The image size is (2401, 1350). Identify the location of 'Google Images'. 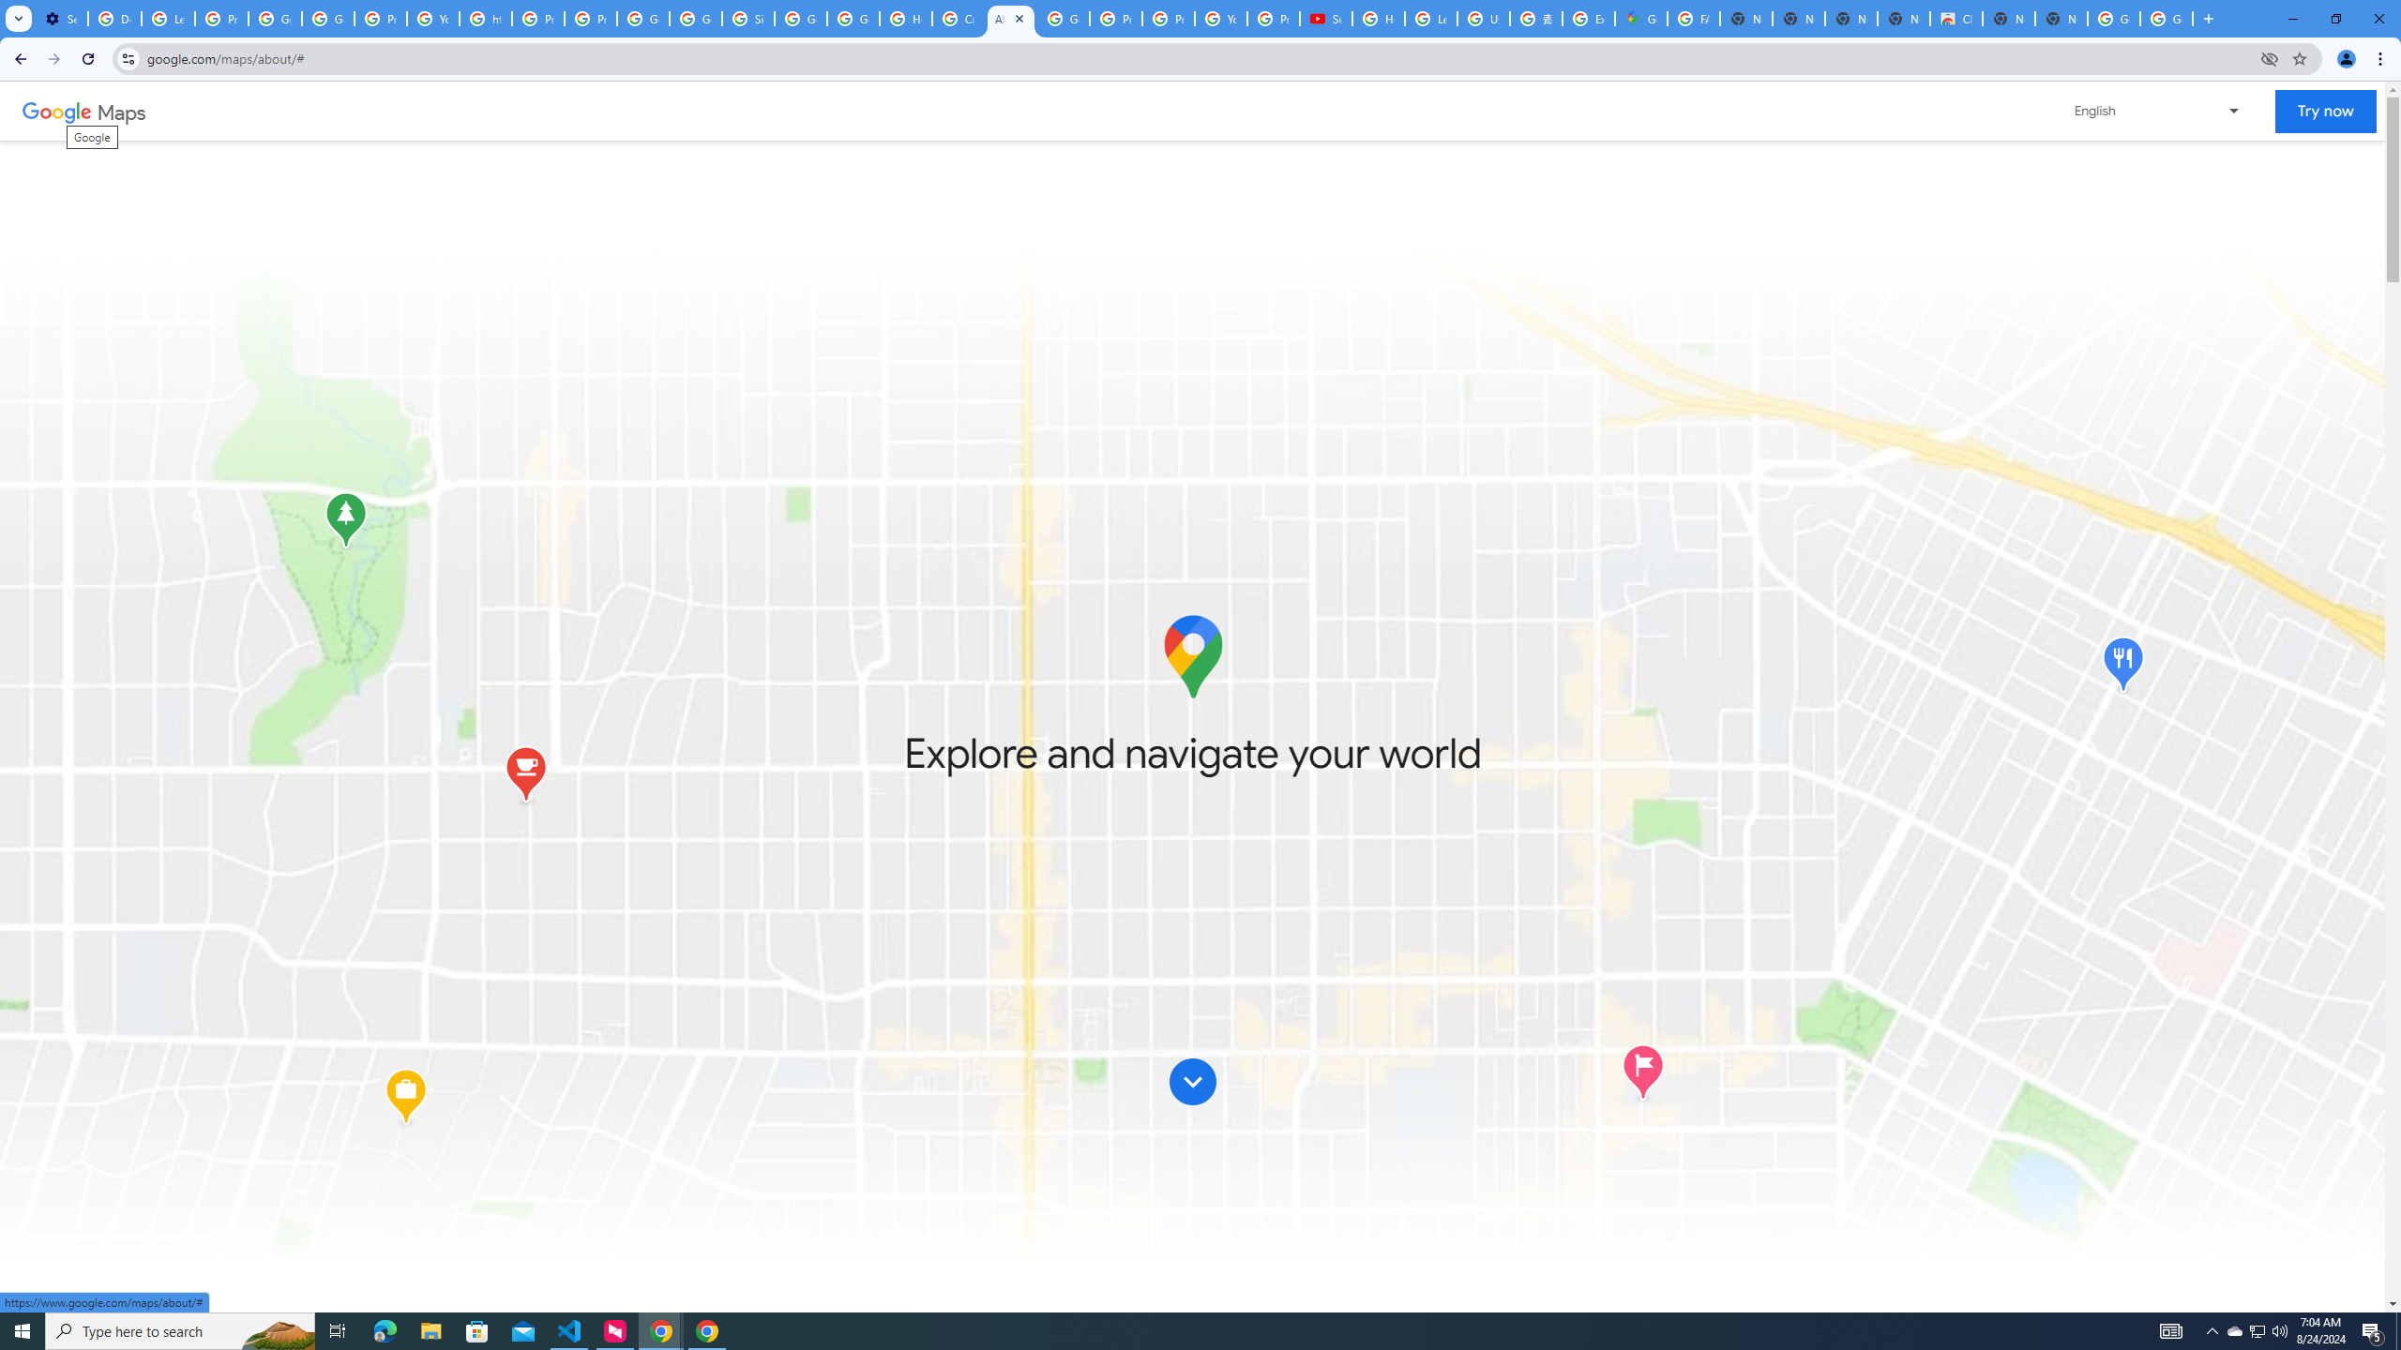
(2167, 18).